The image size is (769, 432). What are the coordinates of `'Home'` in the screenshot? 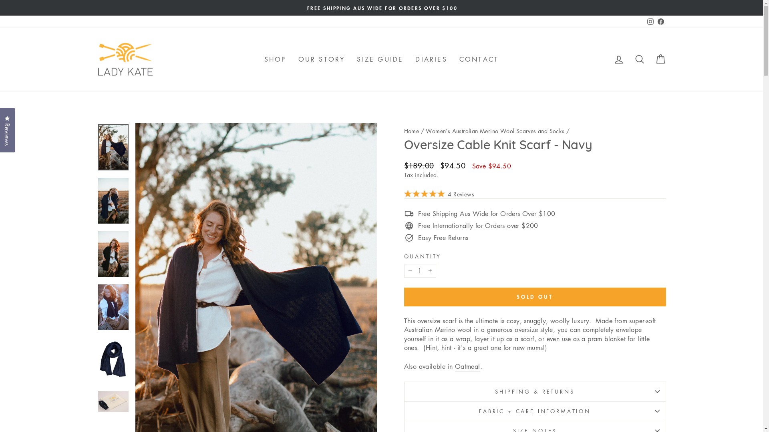 It's located at (411, 130).